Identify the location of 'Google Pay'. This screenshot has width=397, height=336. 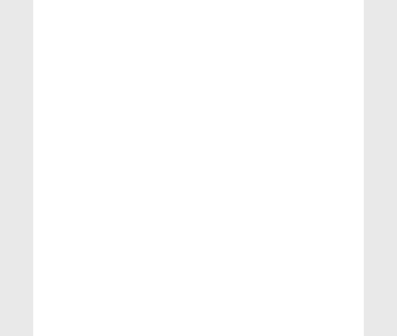
(63, 279).